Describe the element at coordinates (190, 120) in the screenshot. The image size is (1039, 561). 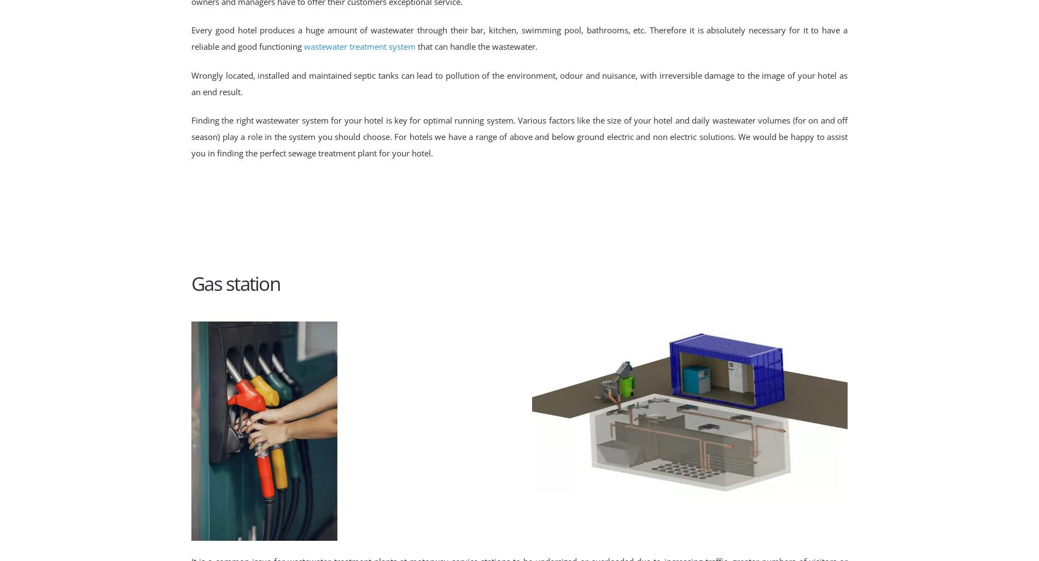
I see `'Finding the right wastewater system for your hotel is ke'` at that location.